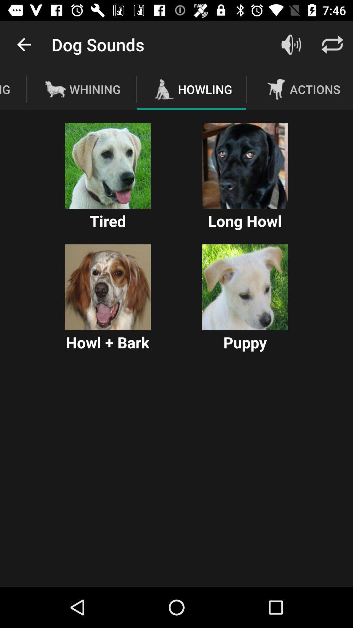 Image resolution: width=353 pixels, height=628 pixels. I want to click on change dog, so click(108, 287).